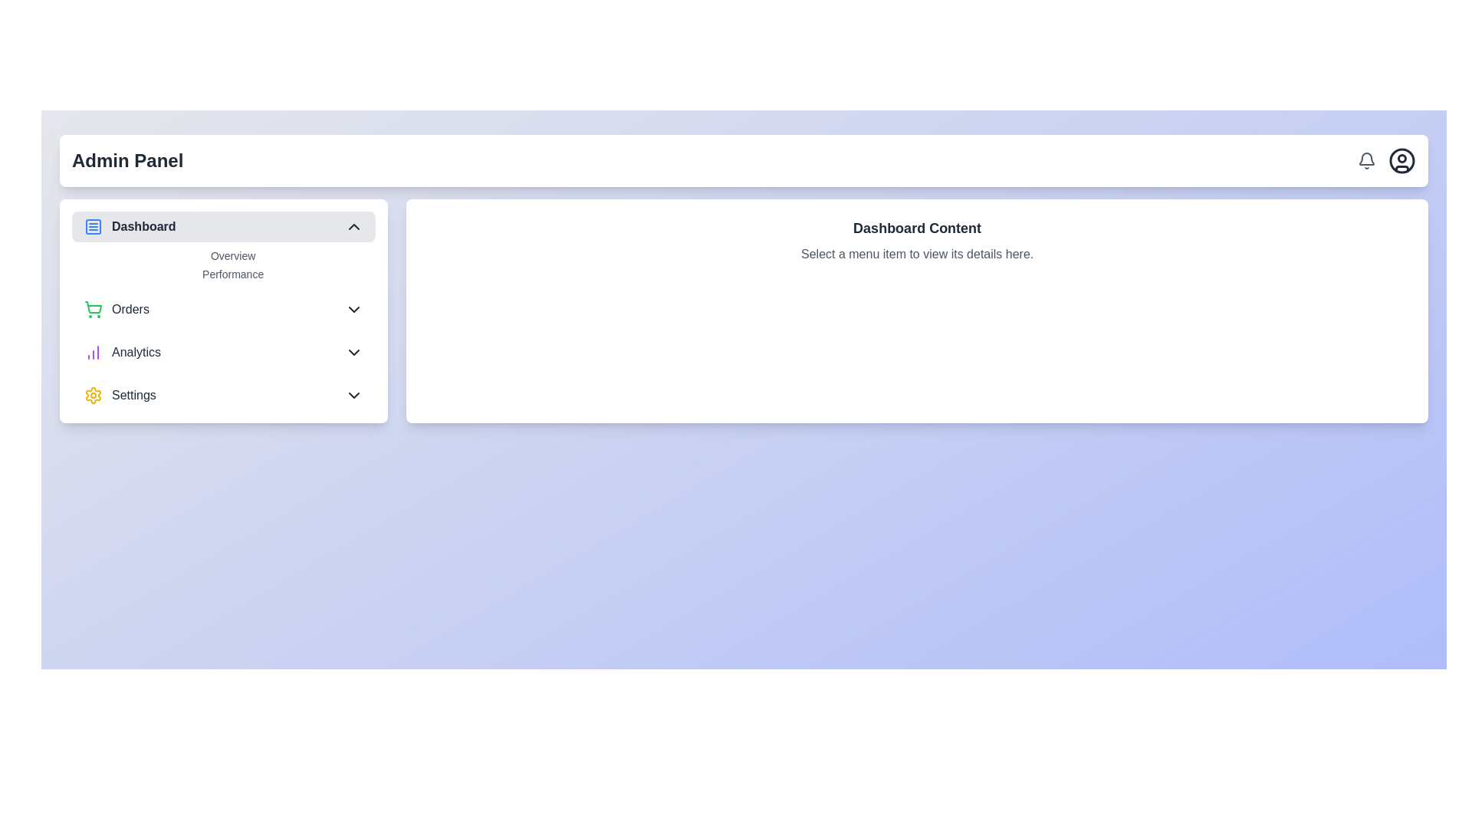 The image size is (1472, 828). I want to click on the Analytics icon located in the left navigation panel, positioned to the left of the 'Analytics' label, so click(92, 352).